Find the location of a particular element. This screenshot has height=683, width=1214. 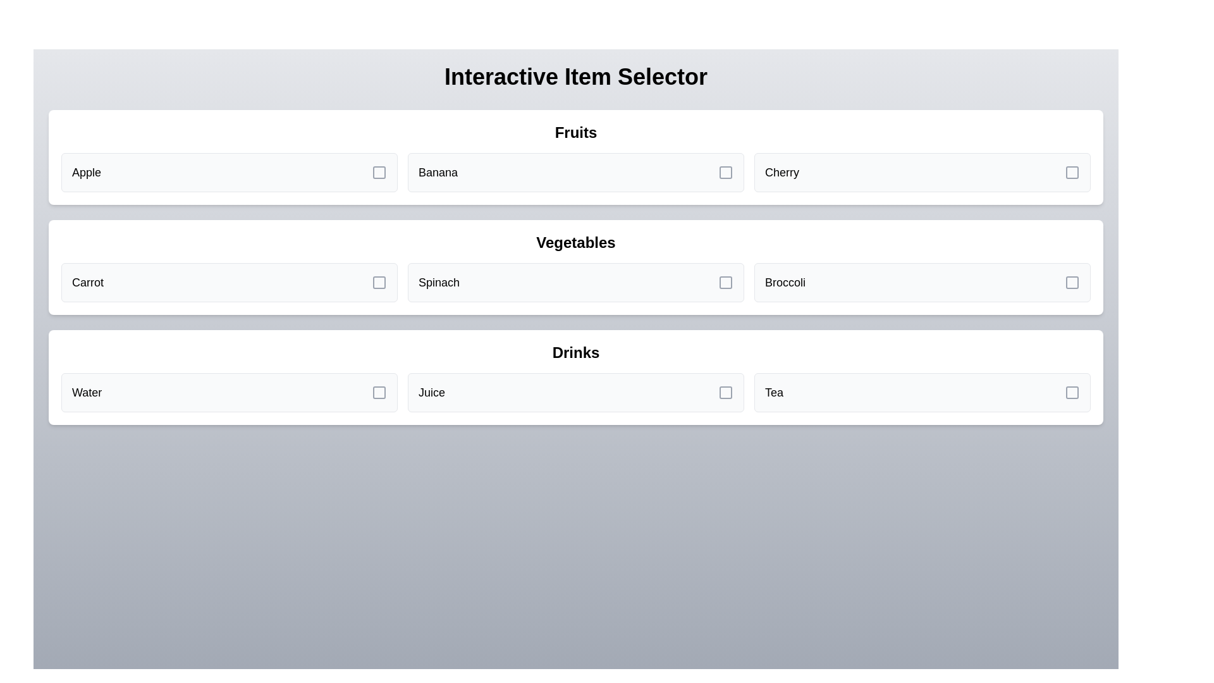

the item Broccoli from the grid is located at coordinates (923, 282).